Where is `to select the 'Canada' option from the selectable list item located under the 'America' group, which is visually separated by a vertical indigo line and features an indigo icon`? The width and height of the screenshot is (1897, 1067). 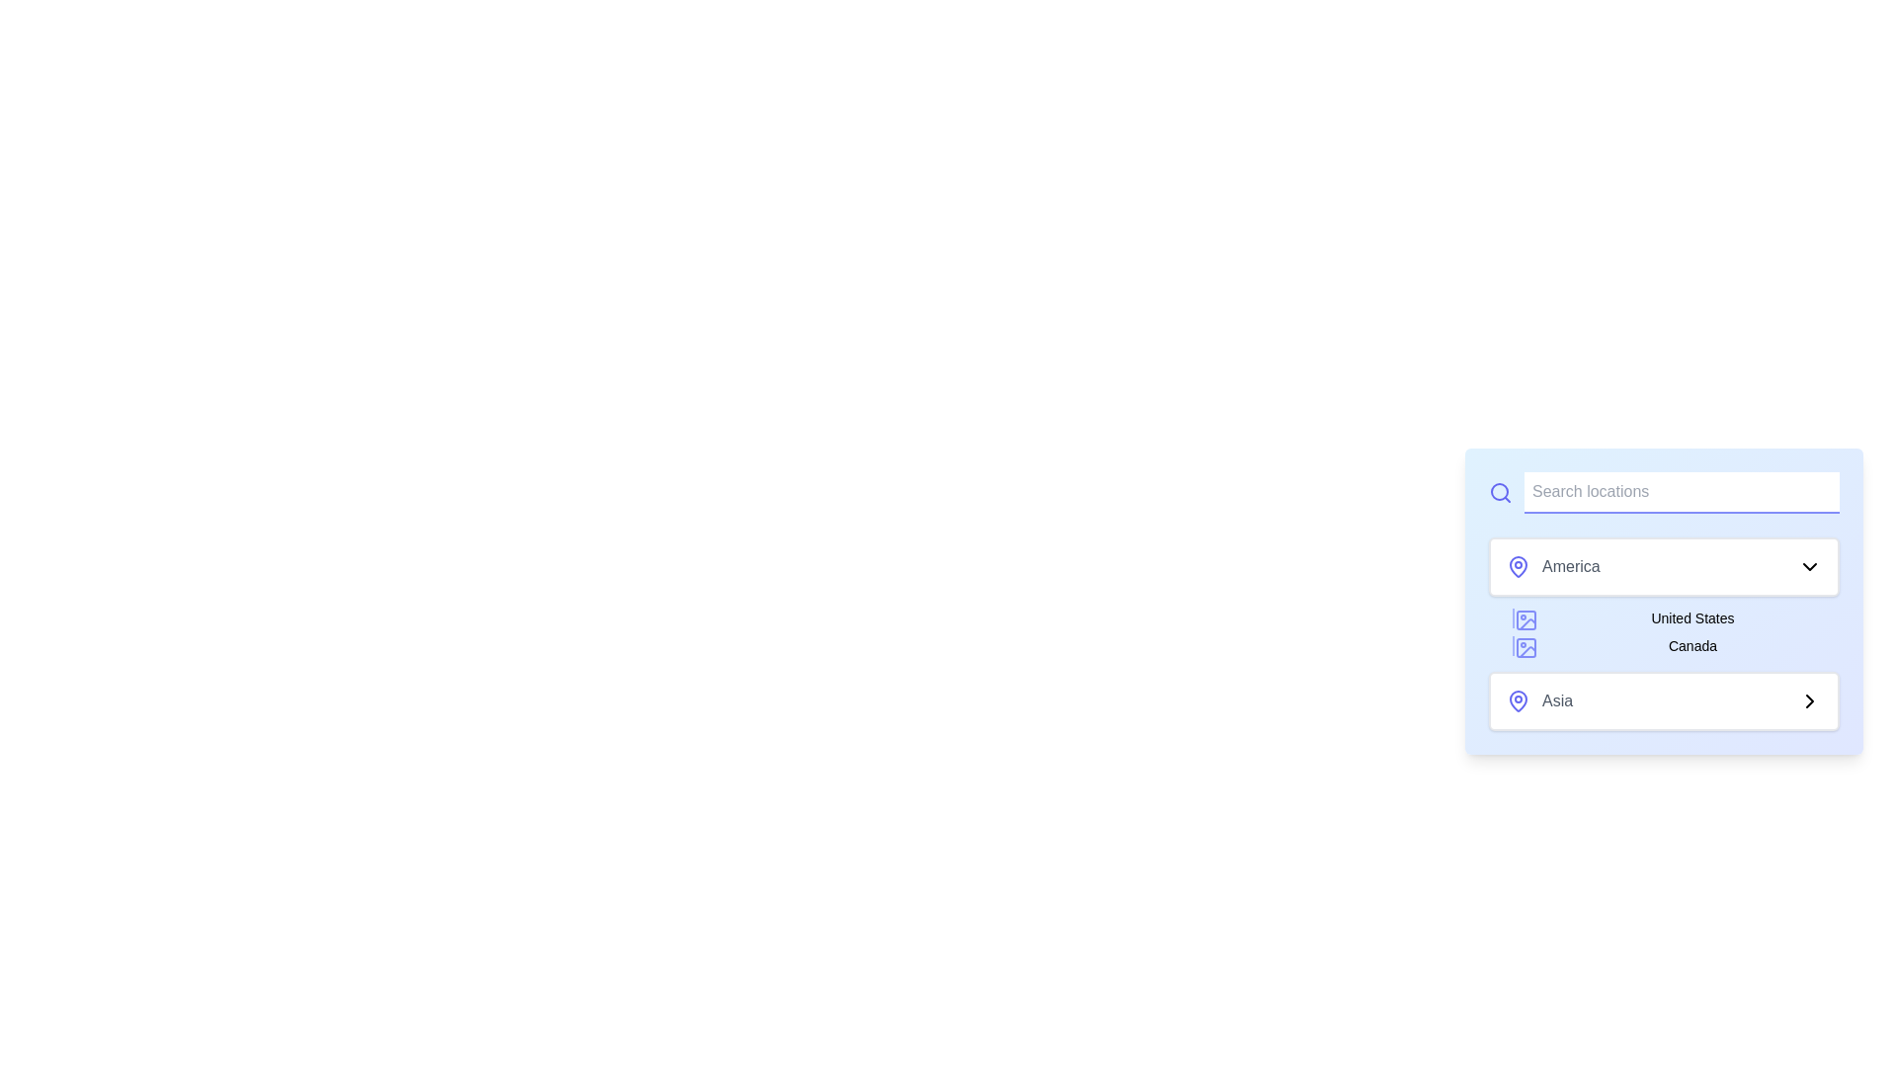
to select the 'Canada' option from the selectable list item located under the 'America' group, which is visually separated by a vertical indigo line and features an indigo icon is located at coordinates (1675, 646).